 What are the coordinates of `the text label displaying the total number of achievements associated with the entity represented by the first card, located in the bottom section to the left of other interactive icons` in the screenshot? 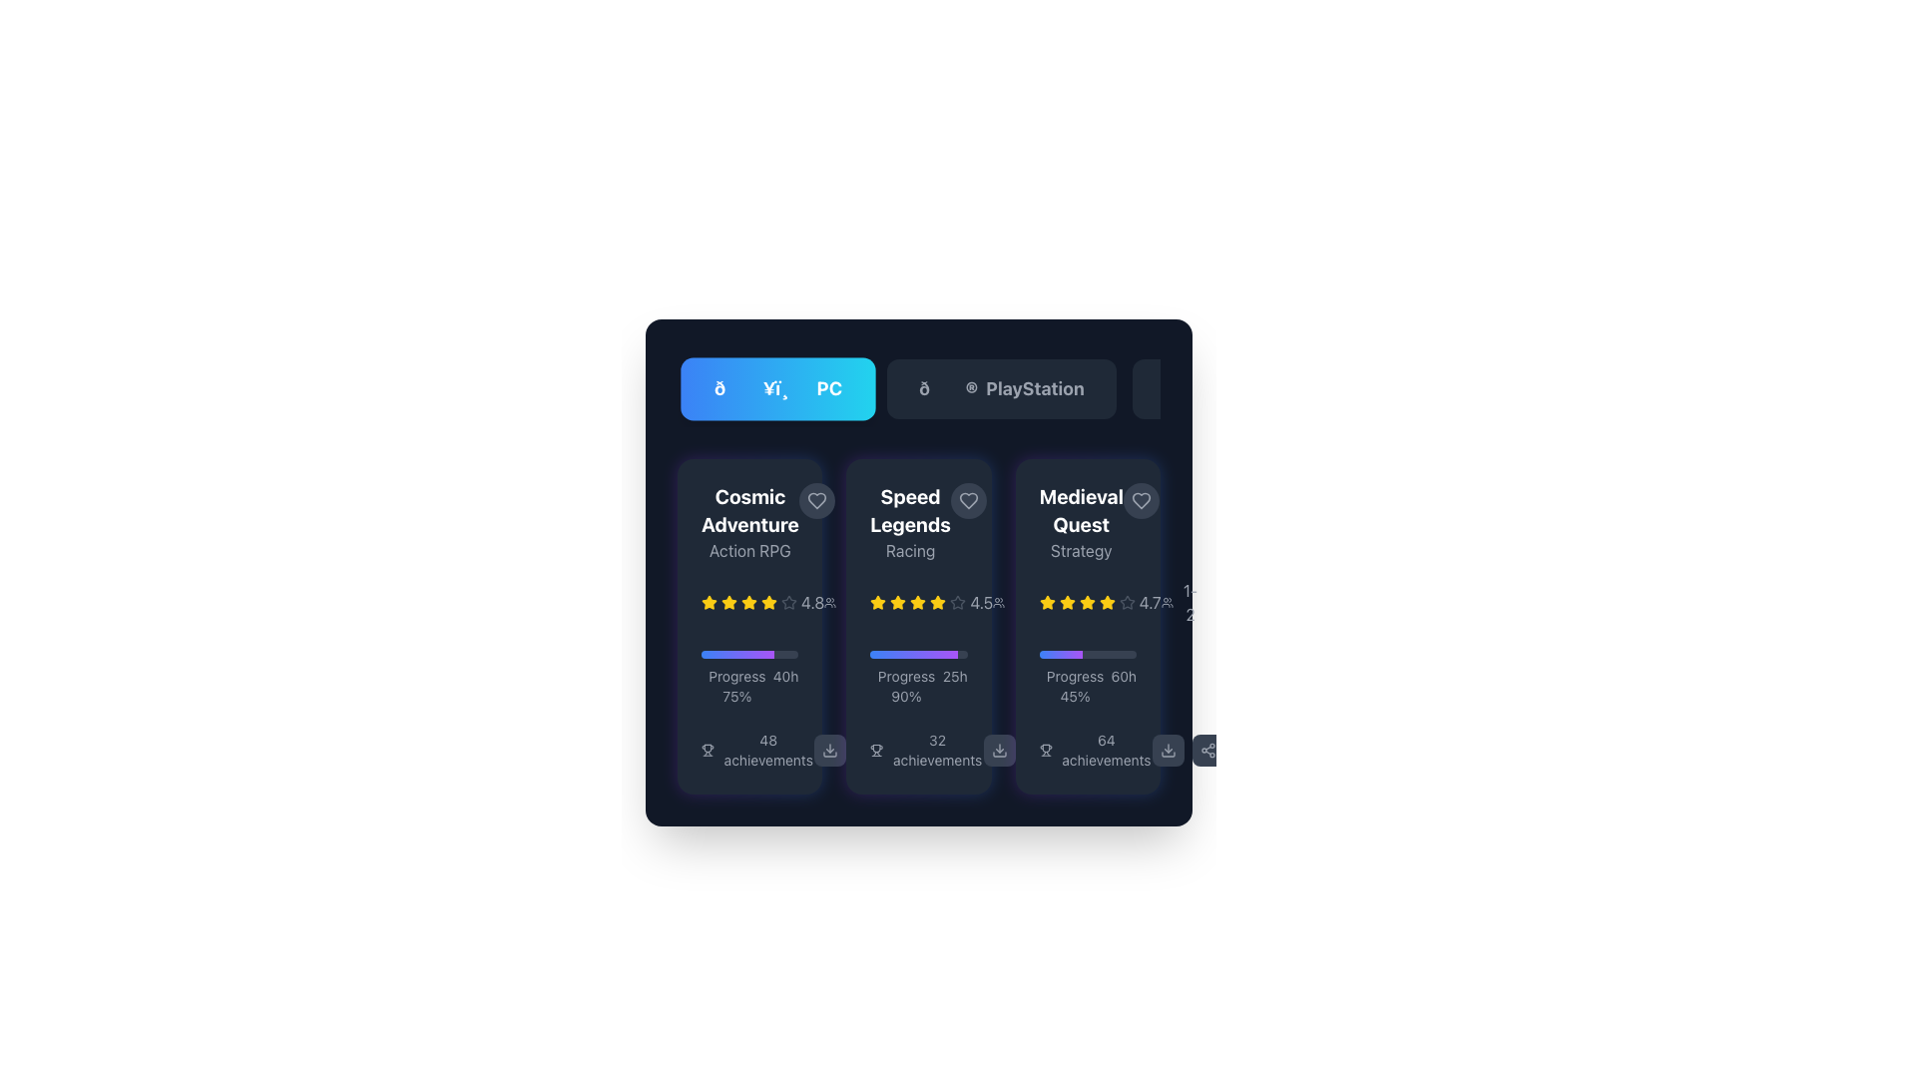 It's located at (756, 751).